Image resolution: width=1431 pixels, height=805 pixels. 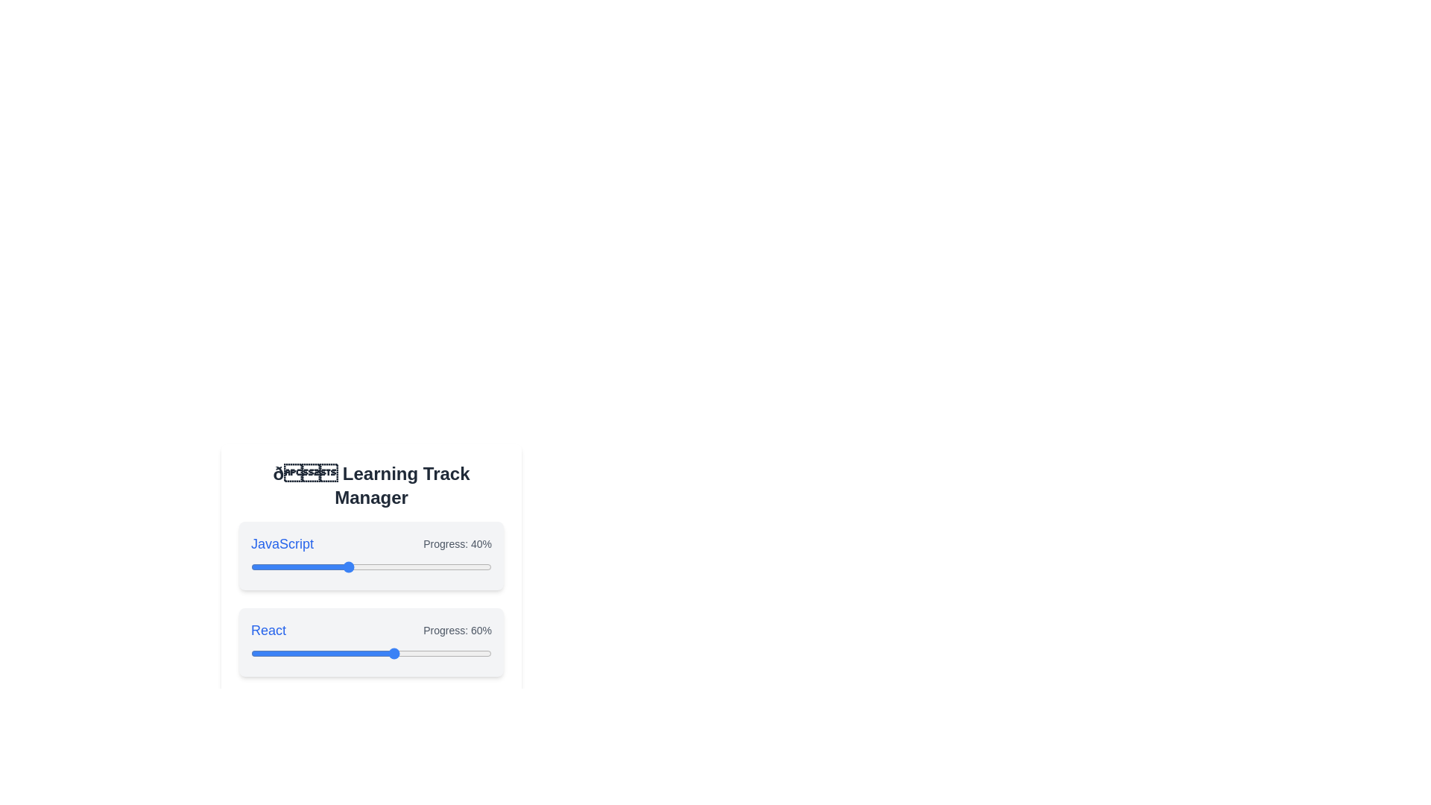 What do you see at coordinates (462, 652) in the screenshot?
I see `the progress` at bounding box center [462, 652].